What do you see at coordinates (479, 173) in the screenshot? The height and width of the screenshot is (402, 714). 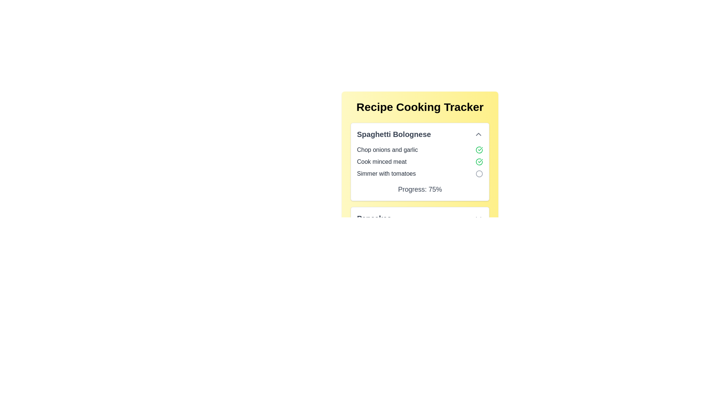 I see `the circular gray icon representing an incomplete or pending indicator, which is adjacent to the text 'Simmer with tomatoes' in the list layout` at bounding box center [479, 173].